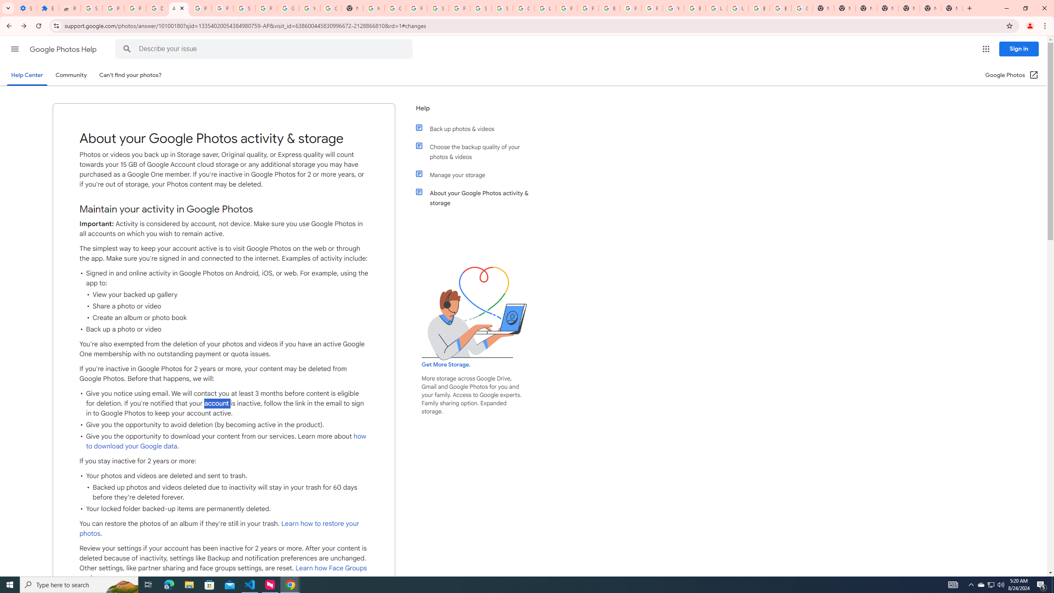 This screenshot has height=593, width=1054. Describe the element at coordinates (127, 49) in the screenshot. I see `'Search Help Center'` at that location.